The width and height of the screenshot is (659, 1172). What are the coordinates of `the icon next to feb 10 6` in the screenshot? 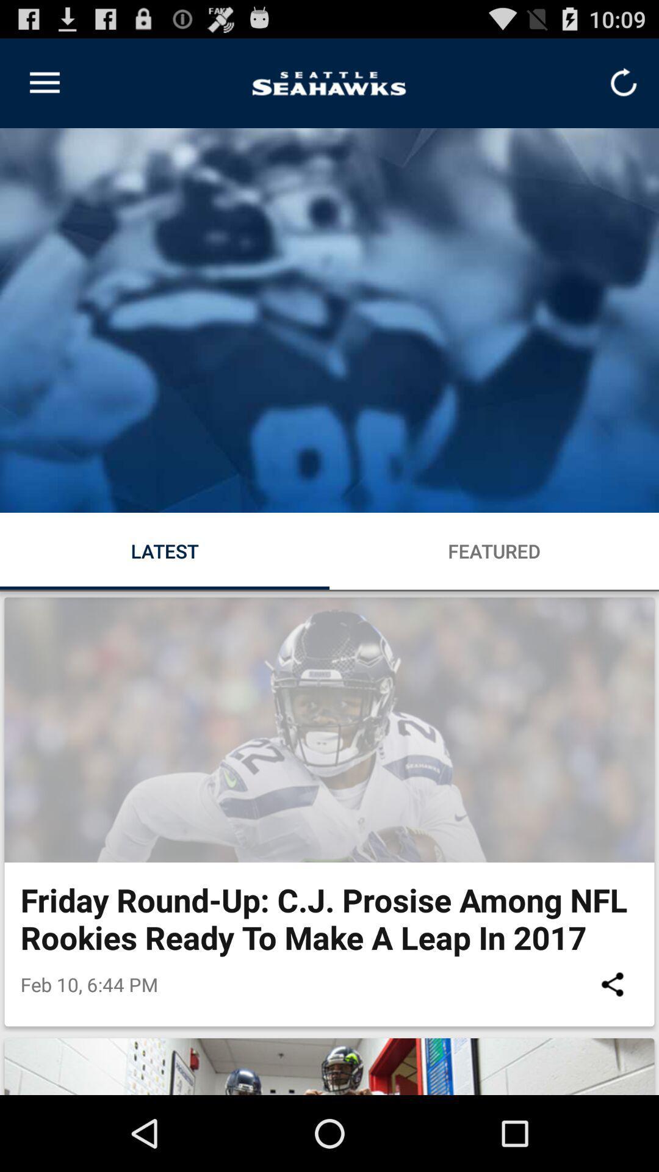 It's located at (612, 984).